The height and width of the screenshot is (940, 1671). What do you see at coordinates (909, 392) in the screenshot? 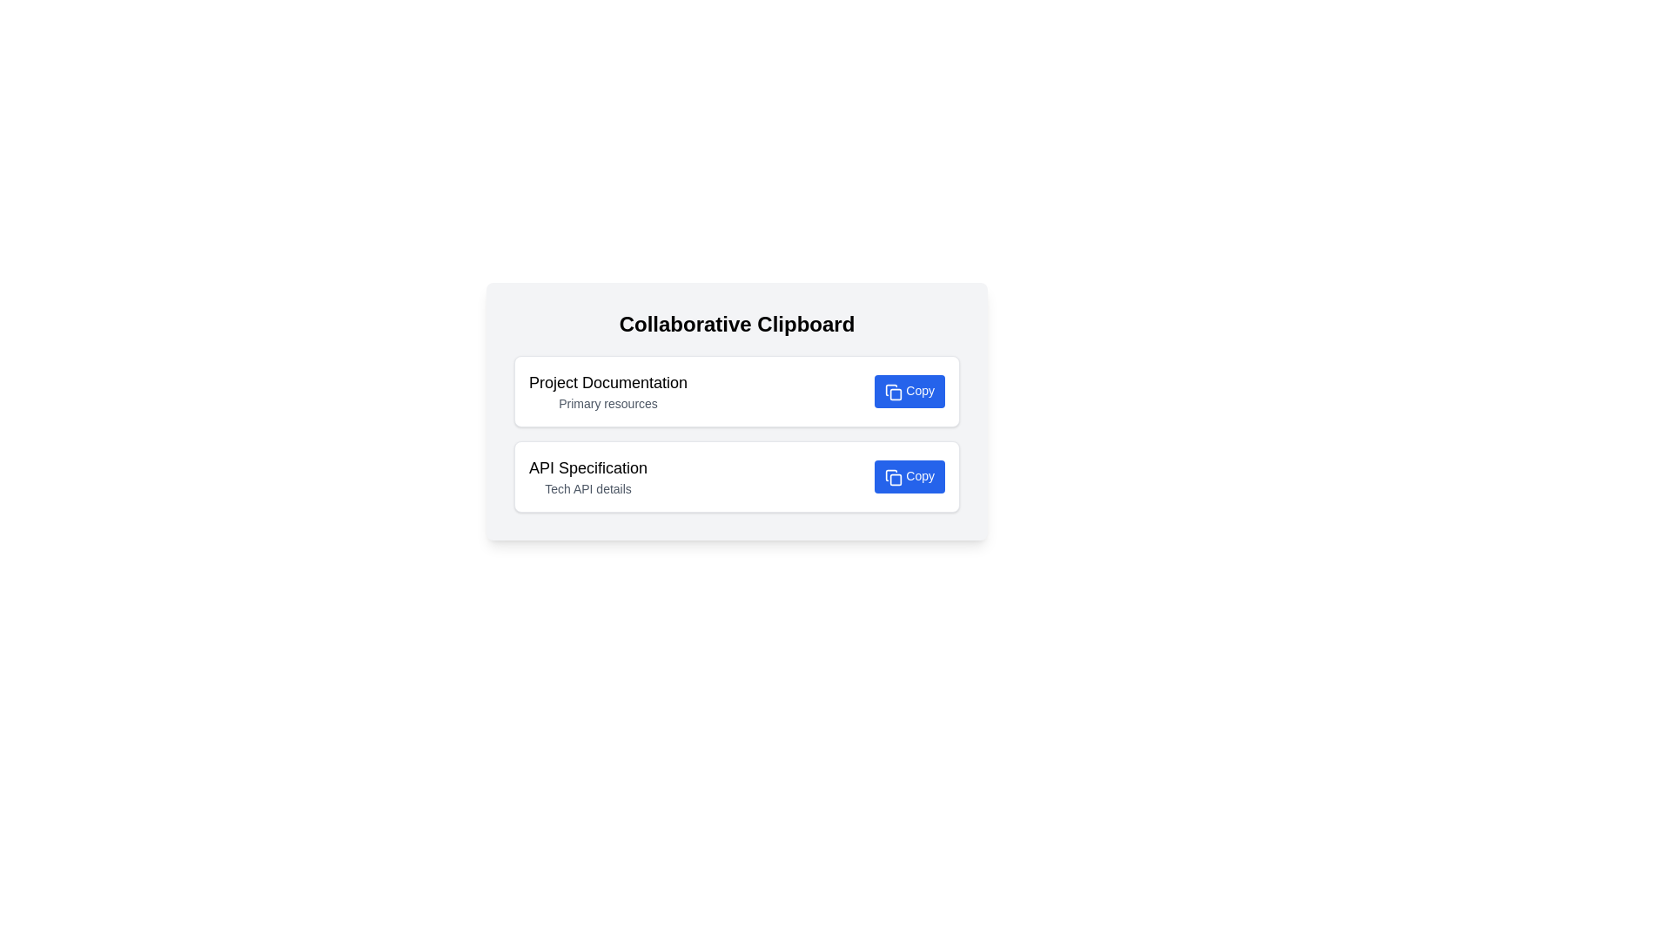
I see `the 'Copy' button associated with 'Project Documentation' to copy its content to the clipboard` at bounding box center [909, 392].